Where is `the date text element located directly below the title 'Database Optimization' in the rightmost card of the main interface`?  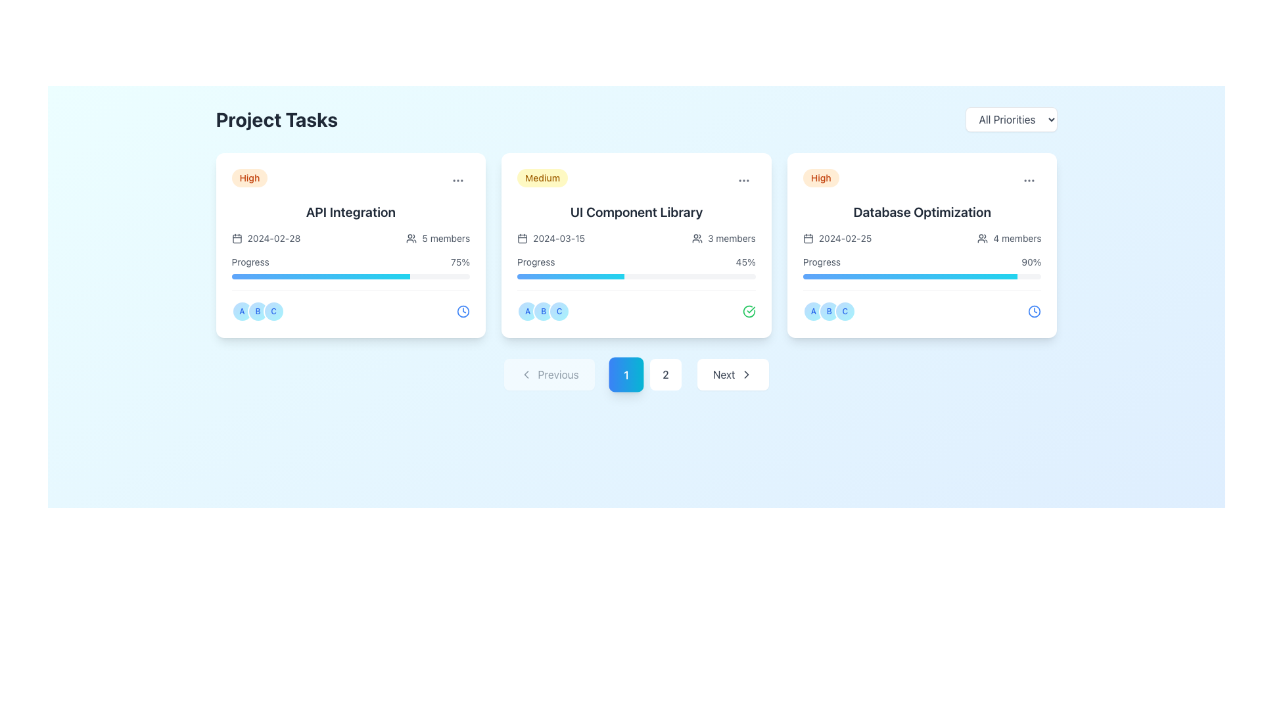
the date text element located directly below the title 'Database Optimization' in the rightmost card of the main interface is located at coordinates (836, 238).